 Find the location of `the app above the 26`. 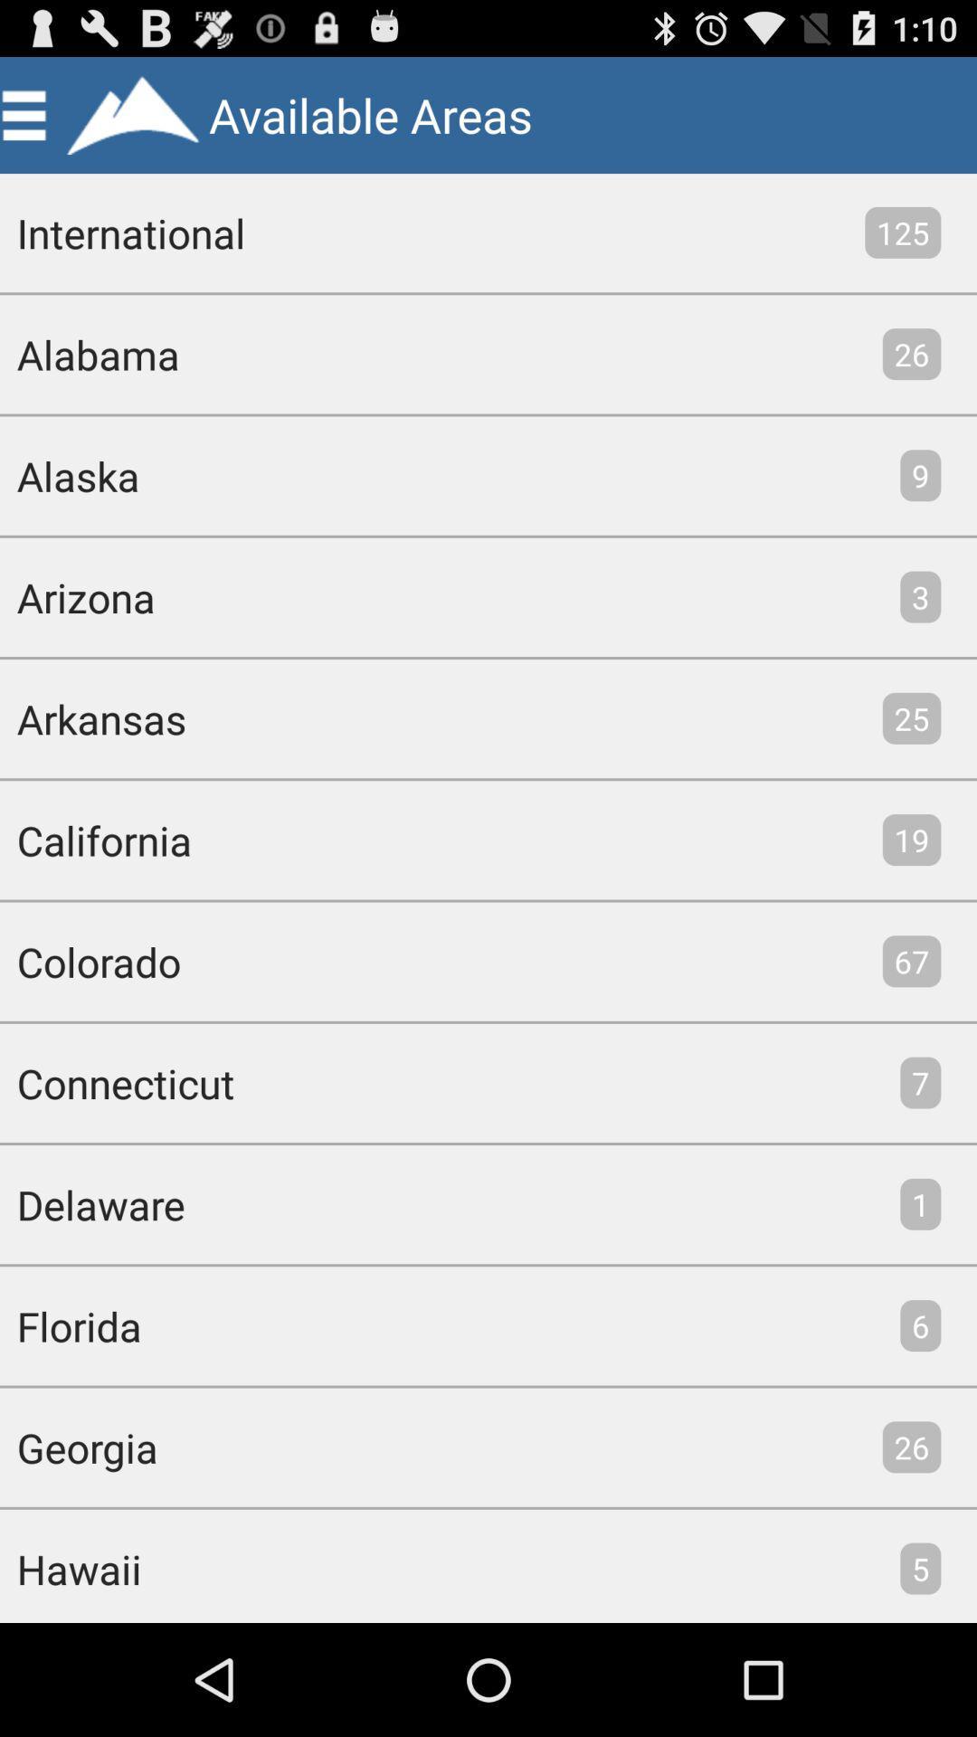

the app above the 26 is located at coordinates (903, 232).